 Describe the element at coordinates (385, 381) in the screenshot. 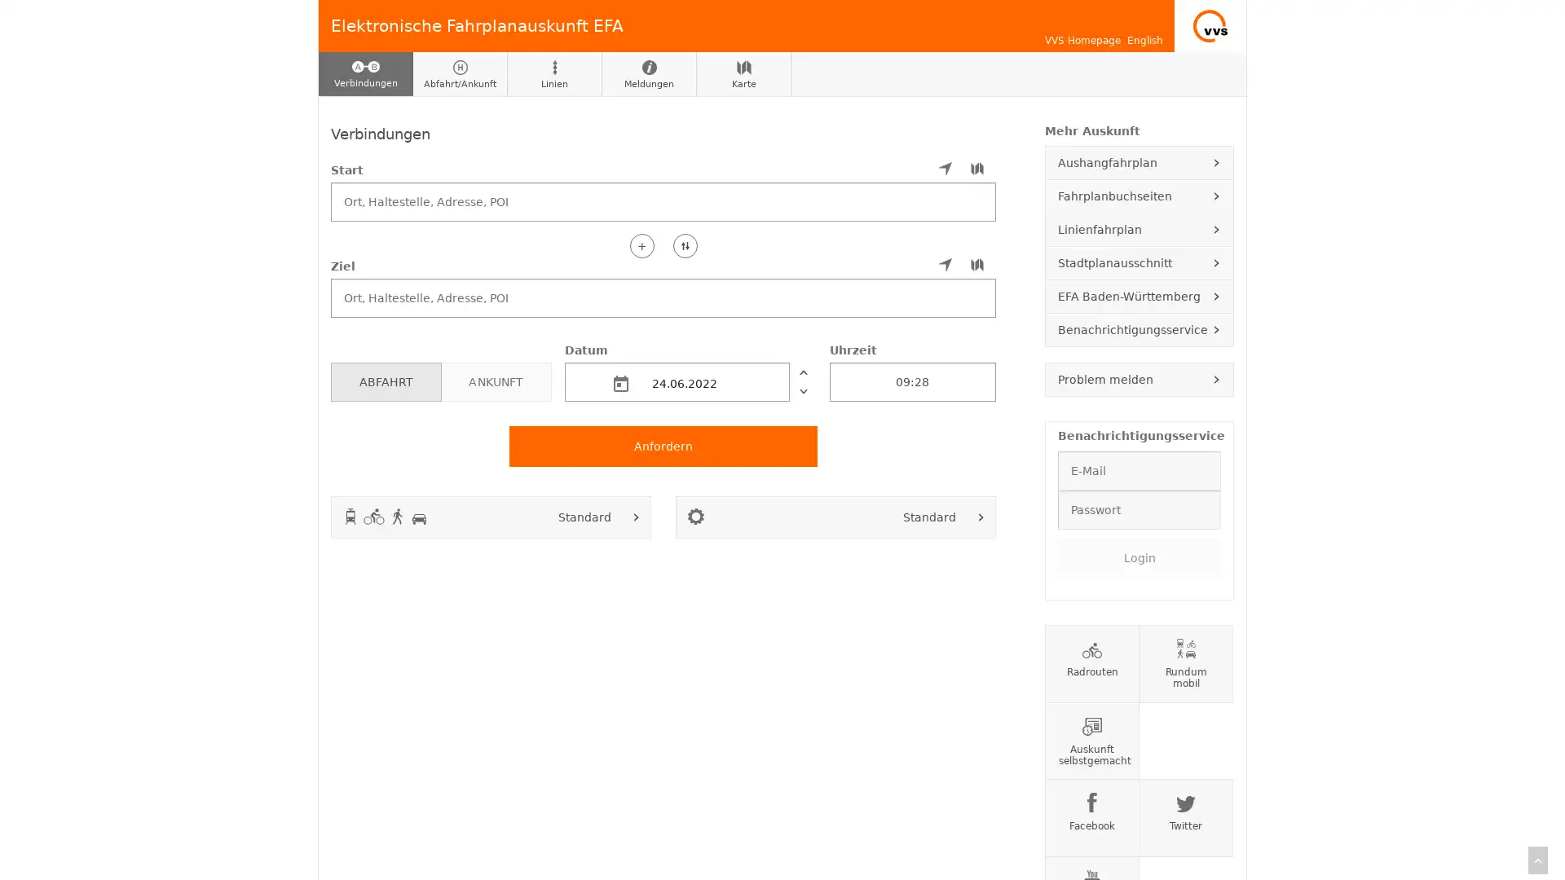

I see `ABFAHRT` at that location.